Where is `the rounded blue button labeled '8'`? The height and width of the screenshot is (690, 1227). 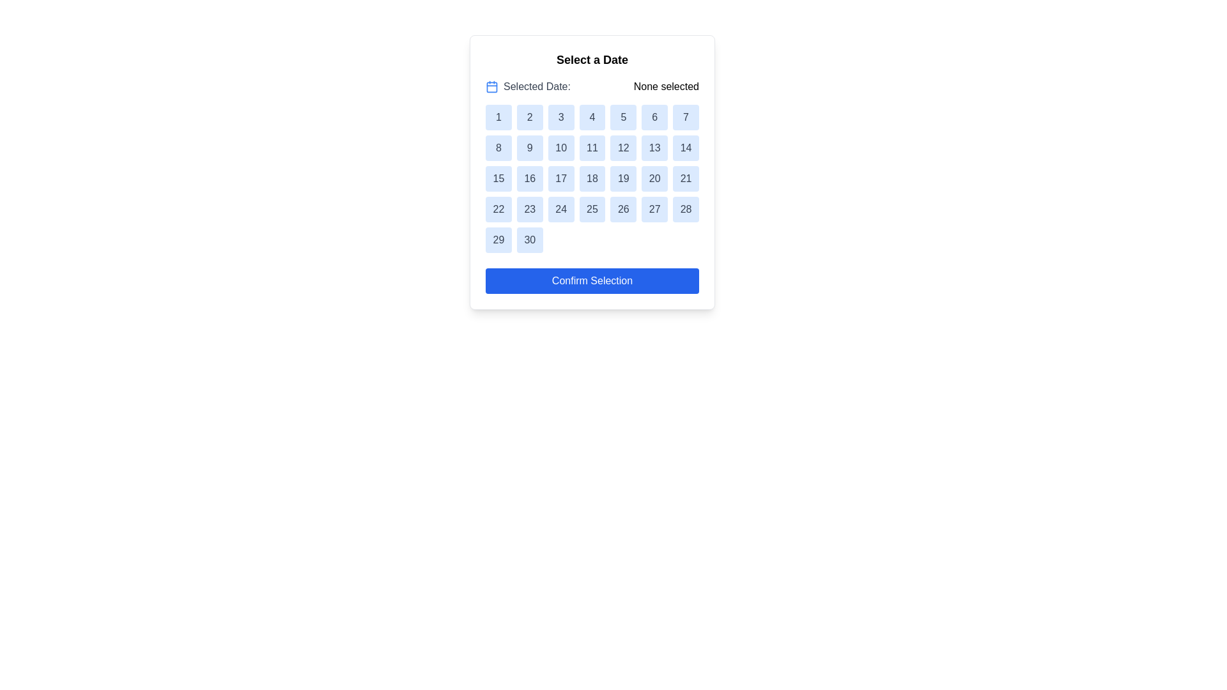
the rounded blue button labeled '8' is located at coordinates (498, 147).